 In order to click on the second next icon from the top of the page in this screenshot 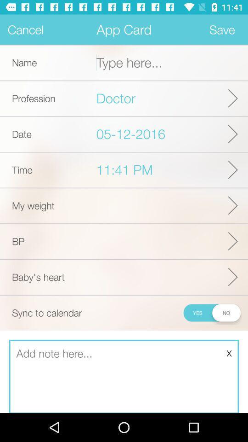, I will do `click(233, 134)`.